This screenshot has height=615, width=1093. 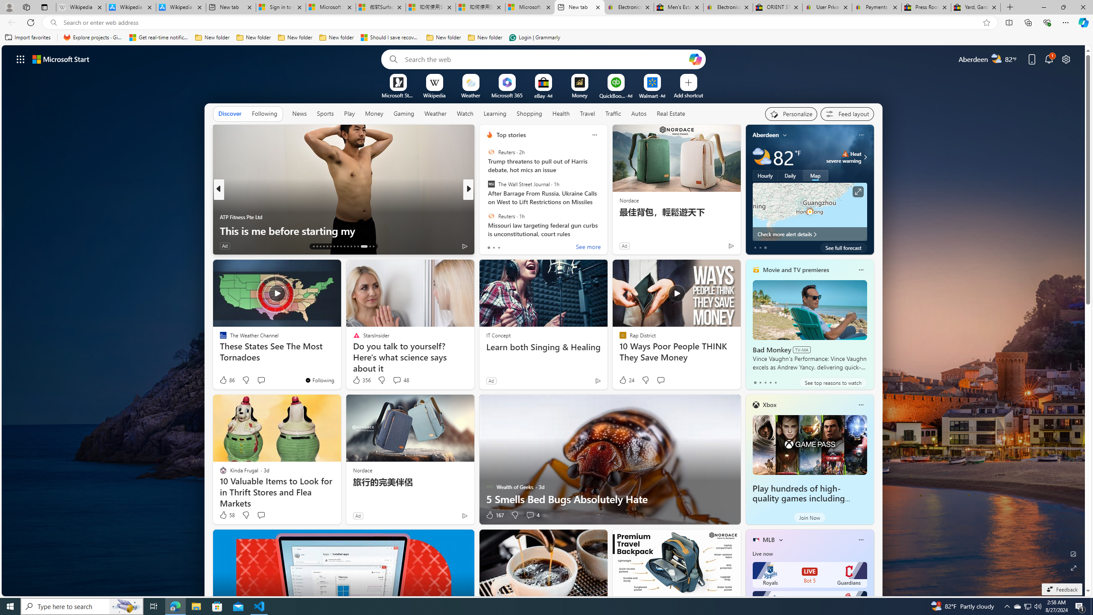 What do you see at coordinates (1066, 59) in the screenshot?
I see `'Page settings'` at bounding box center [1066, 59].